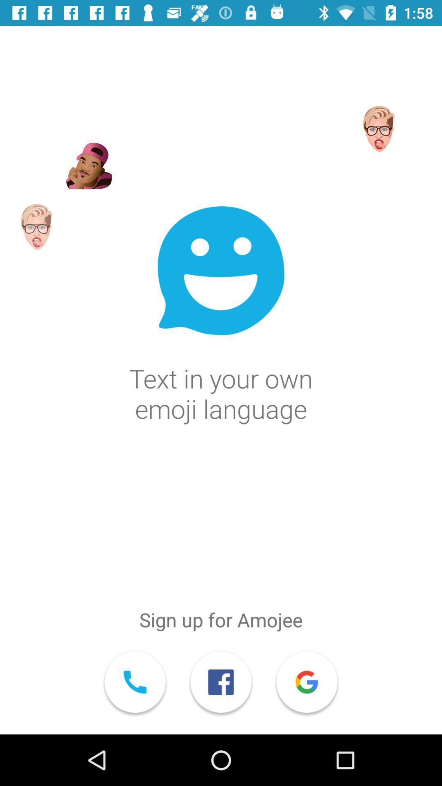 This screenshot has height=786, width=442. I want to click on the globe icon, so click(307, 683).